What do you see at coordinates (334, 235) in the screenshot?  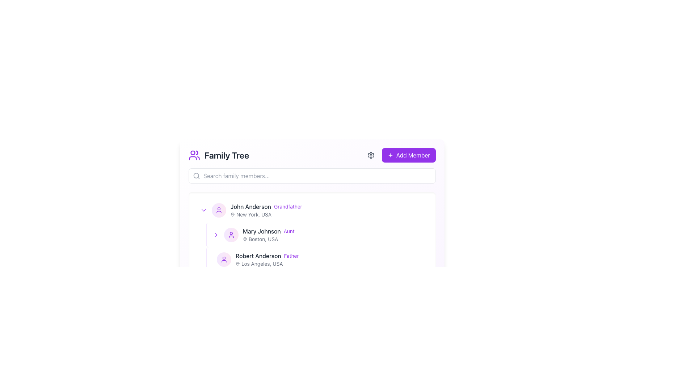 I see `the descriptive data card displaying a person's details, which is located in the central right region of a rectangular group box, positioned second in a vertical list between 'John Anderson' and 'Robert Anderson'` at bounding box center [334, 235].